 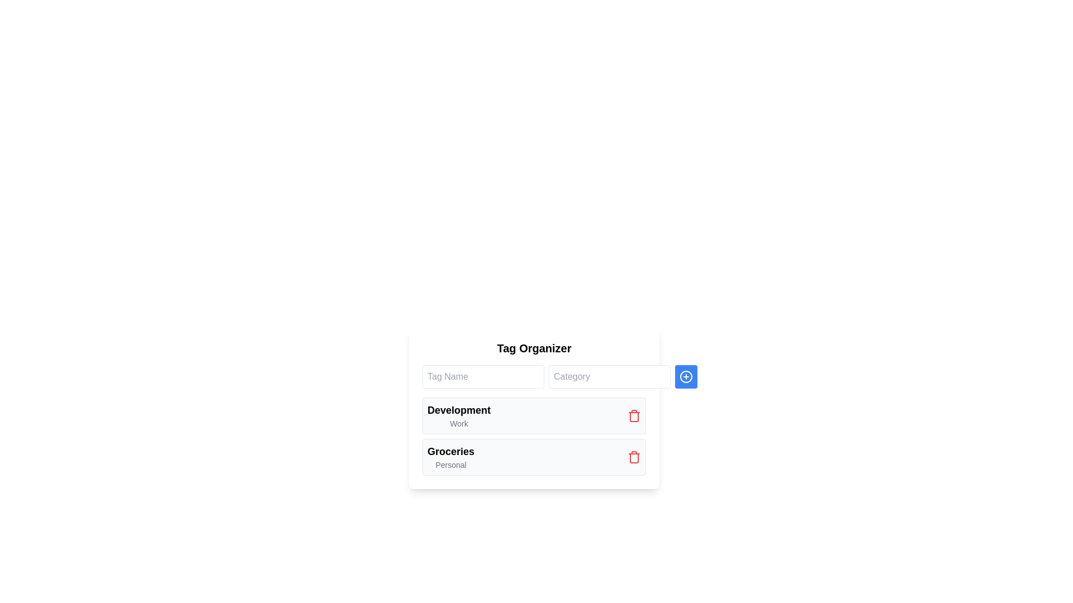 What do you see at coordinates (634, 457) in the screenshot?
I see `the trash bin icon button located at the far-right side of the 'Groceries' row under the 'Tag Organizer' section to initiate the deletion of the 'Groceries' entry` at bounding box center [634, 457].